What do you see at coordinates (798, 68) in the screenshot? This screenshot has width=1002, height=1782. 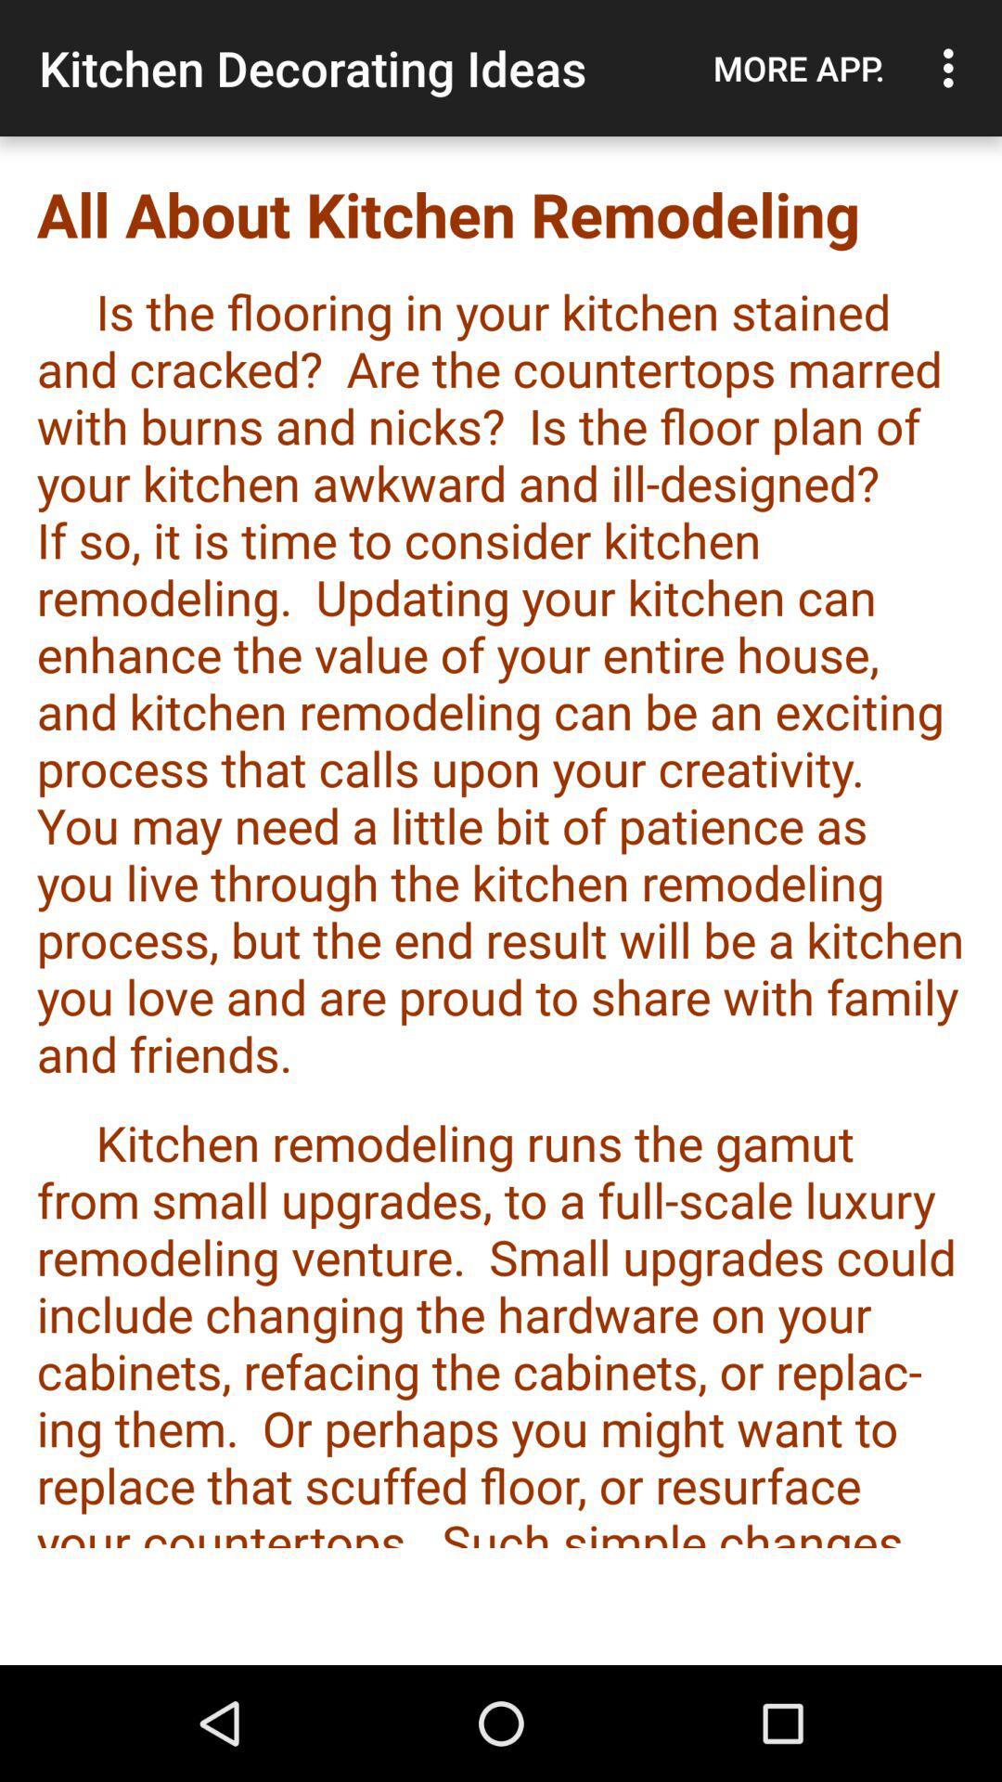 I see `the item to the right of kitchen decorating ideas` at bounding box center [798, 68].